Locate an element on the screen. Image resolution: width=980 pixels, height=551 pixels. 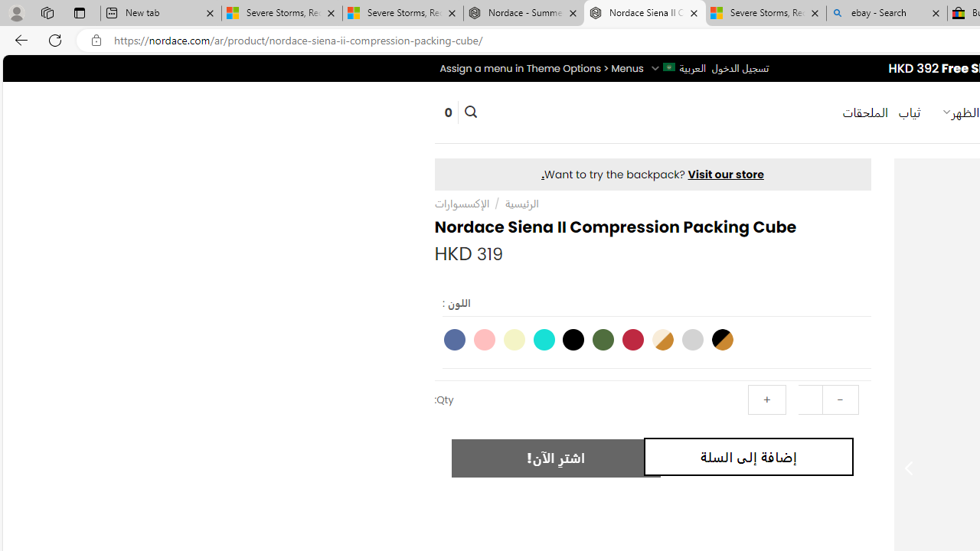
'Assign a menu in Theme Options > Menus' is located at coordinates (541, 67).